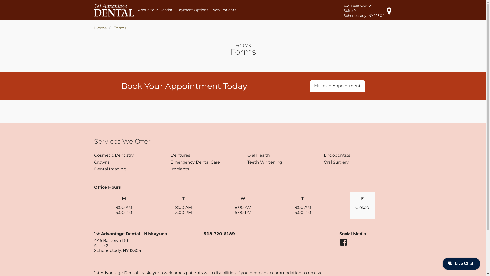 The width and height of the screenshot is (490, 276). What do you see at coordinates (110, 169) in the screenshot?
I see `'Dental Imaging'` at bounding box center [110, 169].